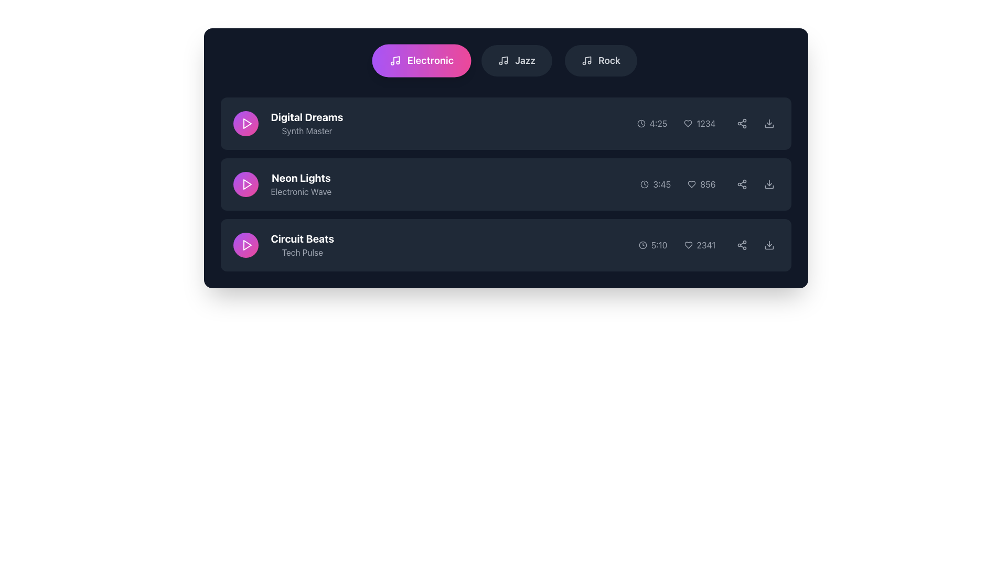 This screenshot has height=566, width=1007. I want to click on the share button located in the rightmost section of the first row of the song list for the song 'Digital Dreams' to share the content, so click(741, 123).